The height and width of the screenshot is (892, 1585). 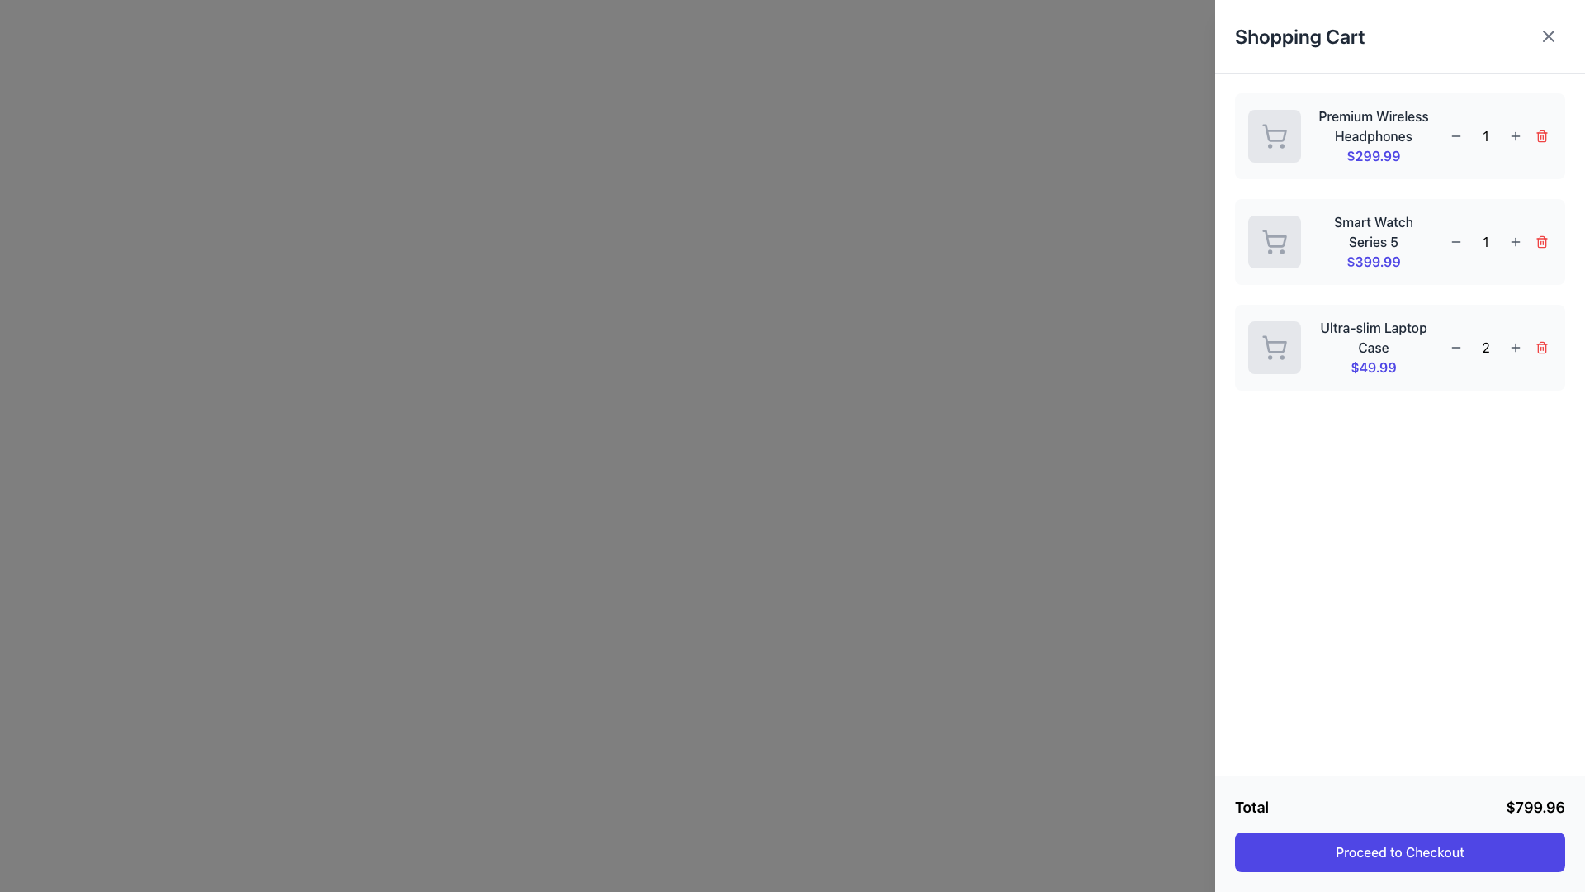 What do you see at coordinates (1398, 834) in the screenshot?
I see `the button that displays the total cost and allows users to proceed to checkout` at bounding box center [1398, 834].